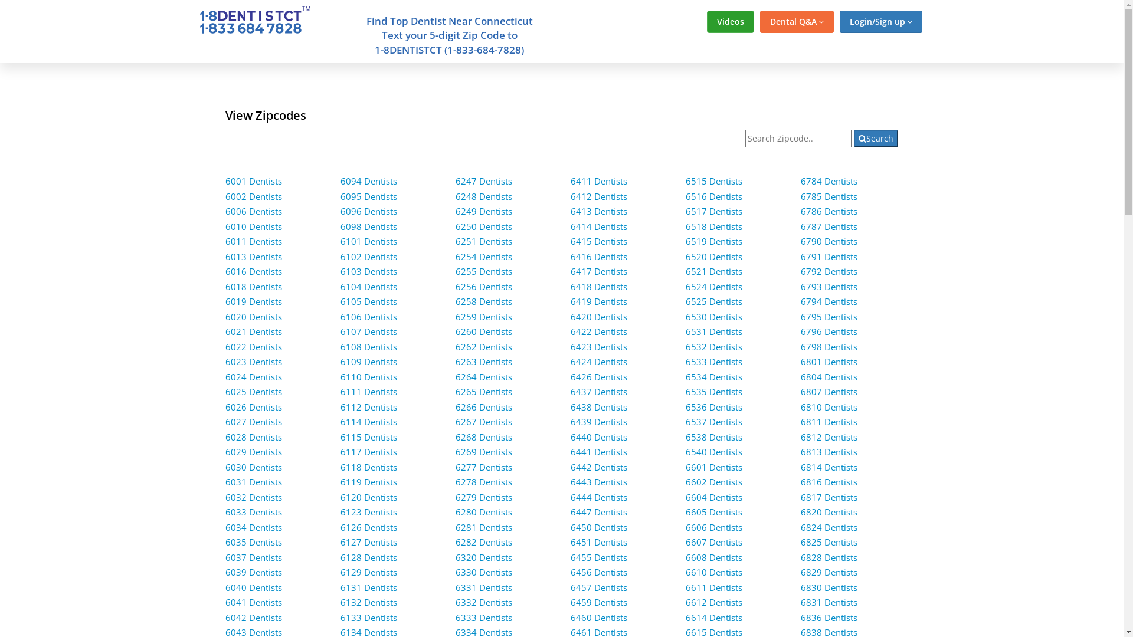 The image size is (1133, 637). I want to click on '6538 Dentists', so click(713, 436).